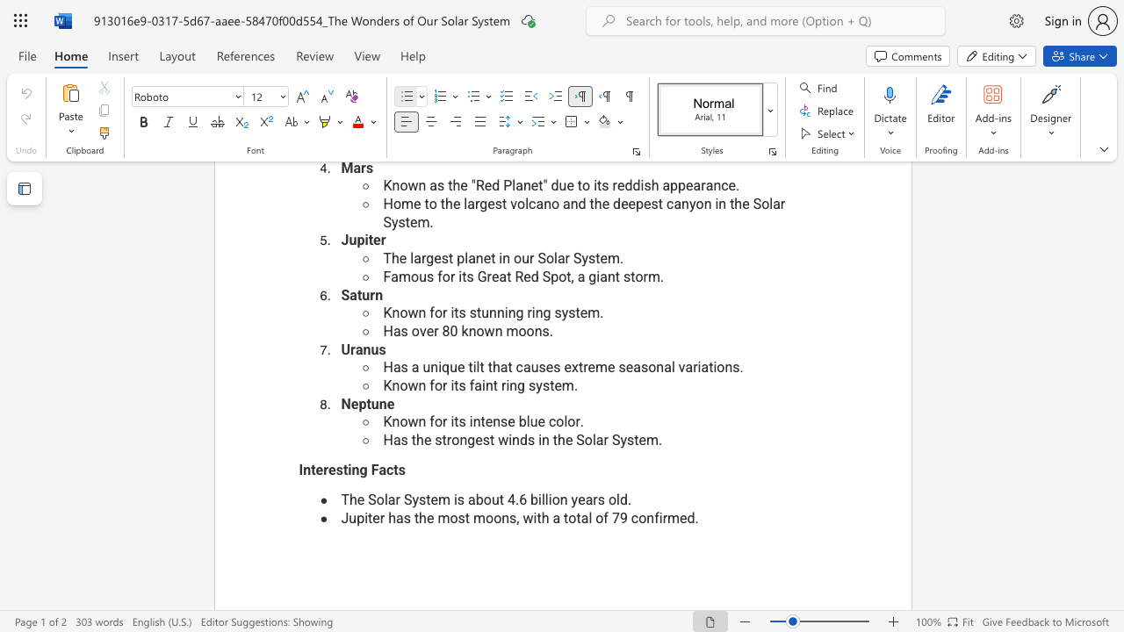  Describe the element at coordinates (406, 517) in the screenshot. I see `the 1th character "s" in the text` at that location.